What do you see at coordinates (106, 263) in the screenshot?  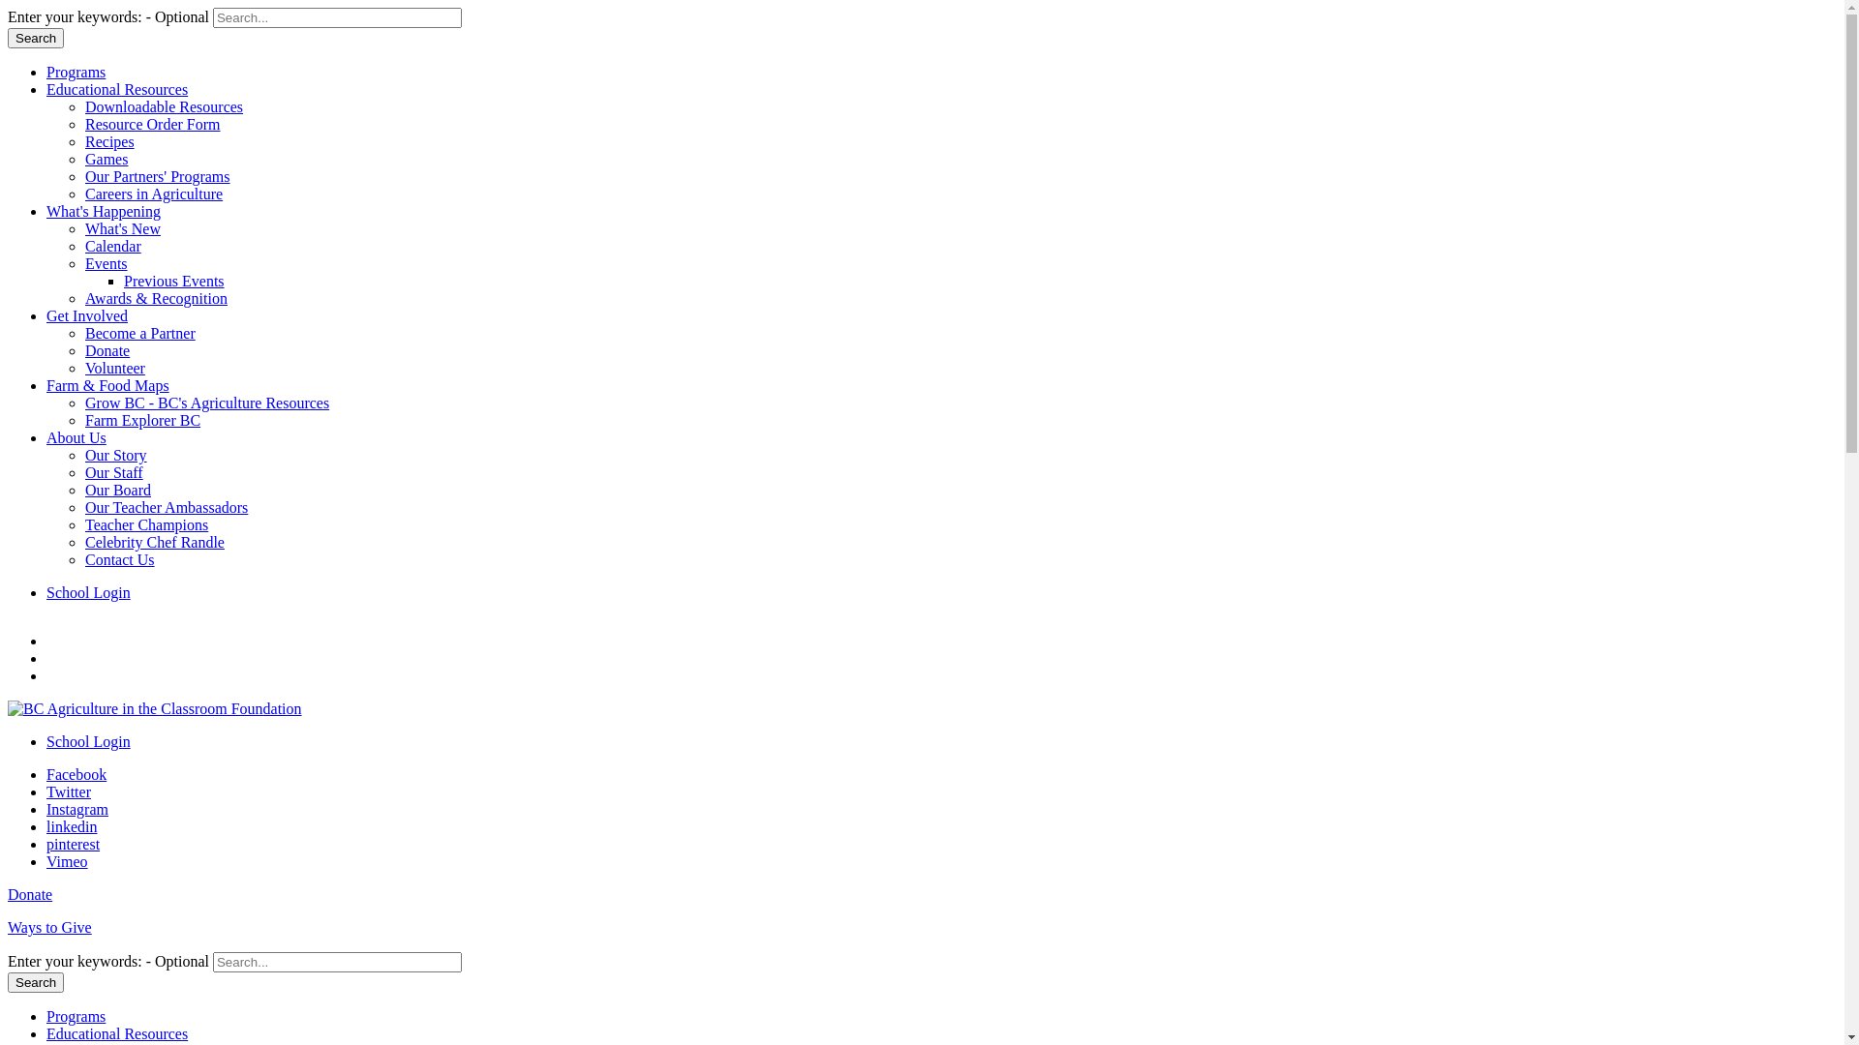 I see `'Events'` at bounding box center [106, 263].